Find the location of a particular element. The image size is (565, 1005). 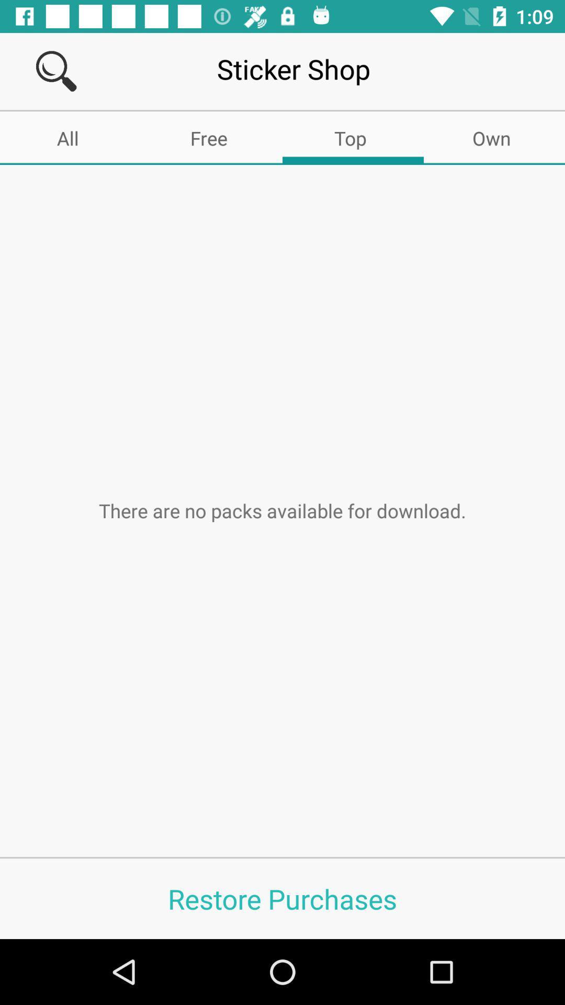

search is located at coordinates (56, 71).